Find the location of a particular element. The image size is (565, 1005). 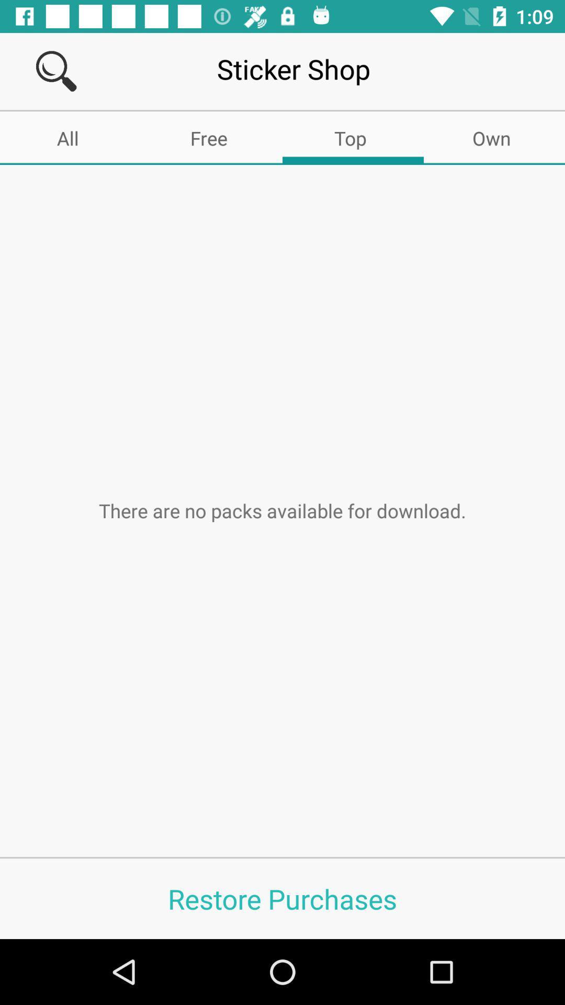

search is located at coordinates (56, 71).